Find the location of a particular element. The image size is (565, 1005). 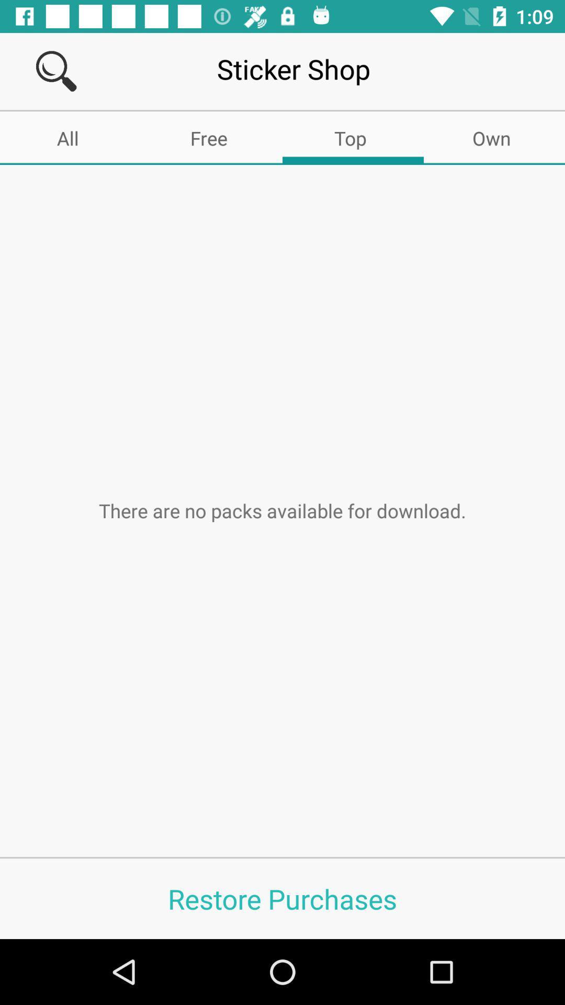

search is located at coordinates (56, 71).